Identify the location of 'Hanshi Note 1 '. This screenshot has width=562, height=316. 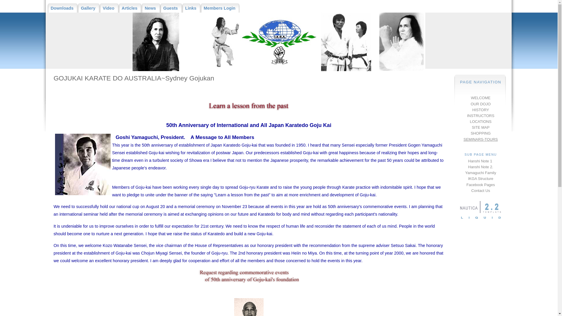
(480, 161).